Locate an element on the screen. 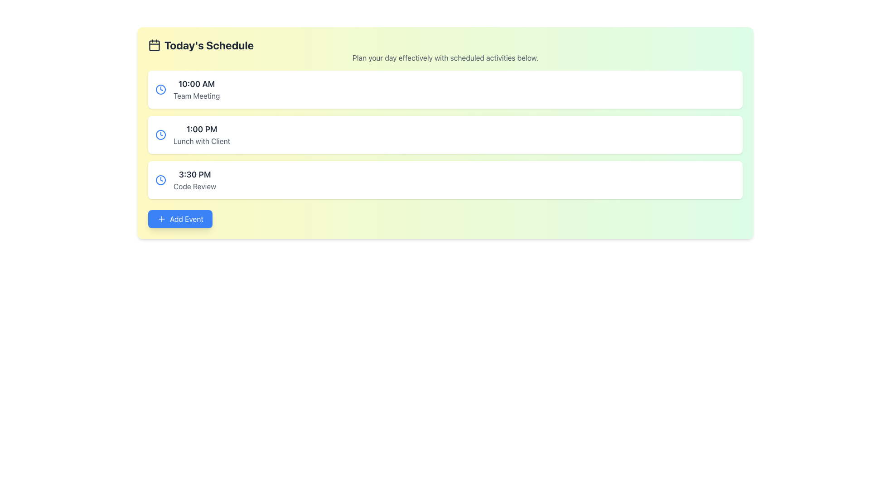 The width and height of the screenshot is (870, 489). the second scheduled event in the calendar interface is located at coordinates (445, 134).